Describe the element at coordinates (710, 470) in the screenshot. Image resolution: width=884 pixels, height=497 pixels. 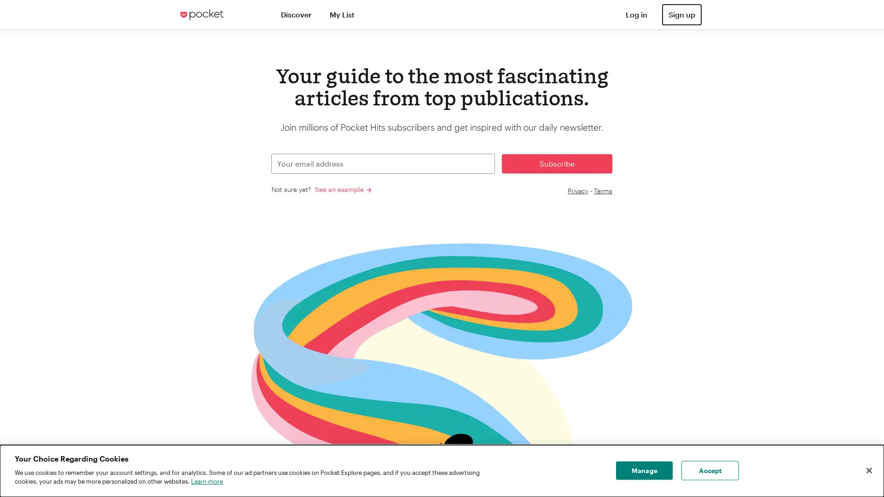
I see `Accept` at that location.